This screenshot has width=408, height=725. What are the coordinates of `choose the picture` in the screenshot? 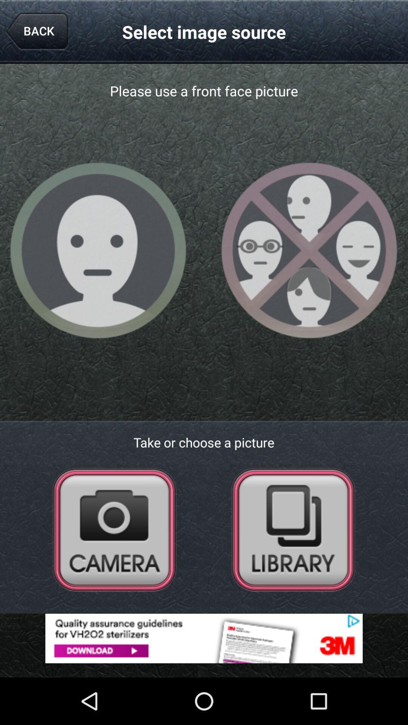 It's located at (293, 529).